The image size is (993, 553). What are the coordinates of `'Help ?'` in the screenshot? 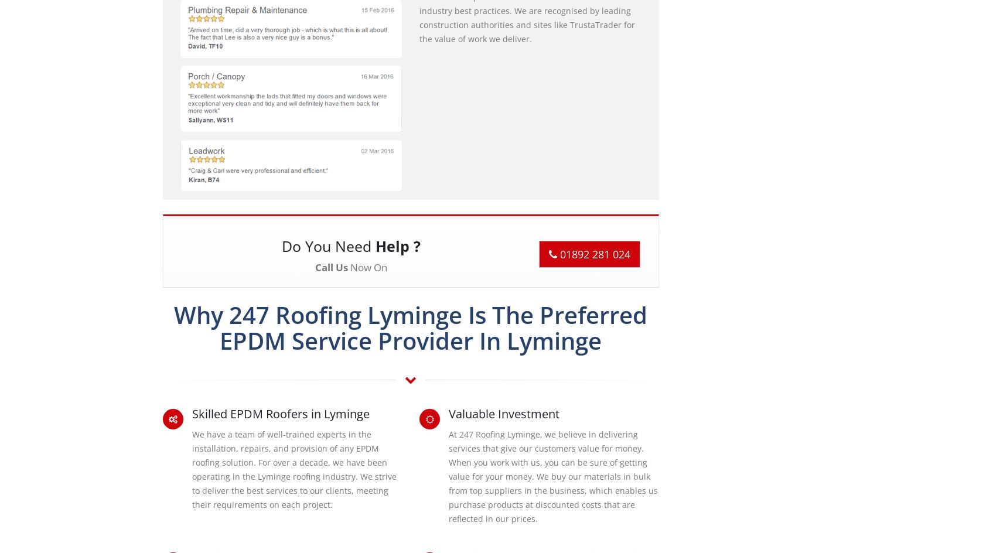 It's located at (375, 245).